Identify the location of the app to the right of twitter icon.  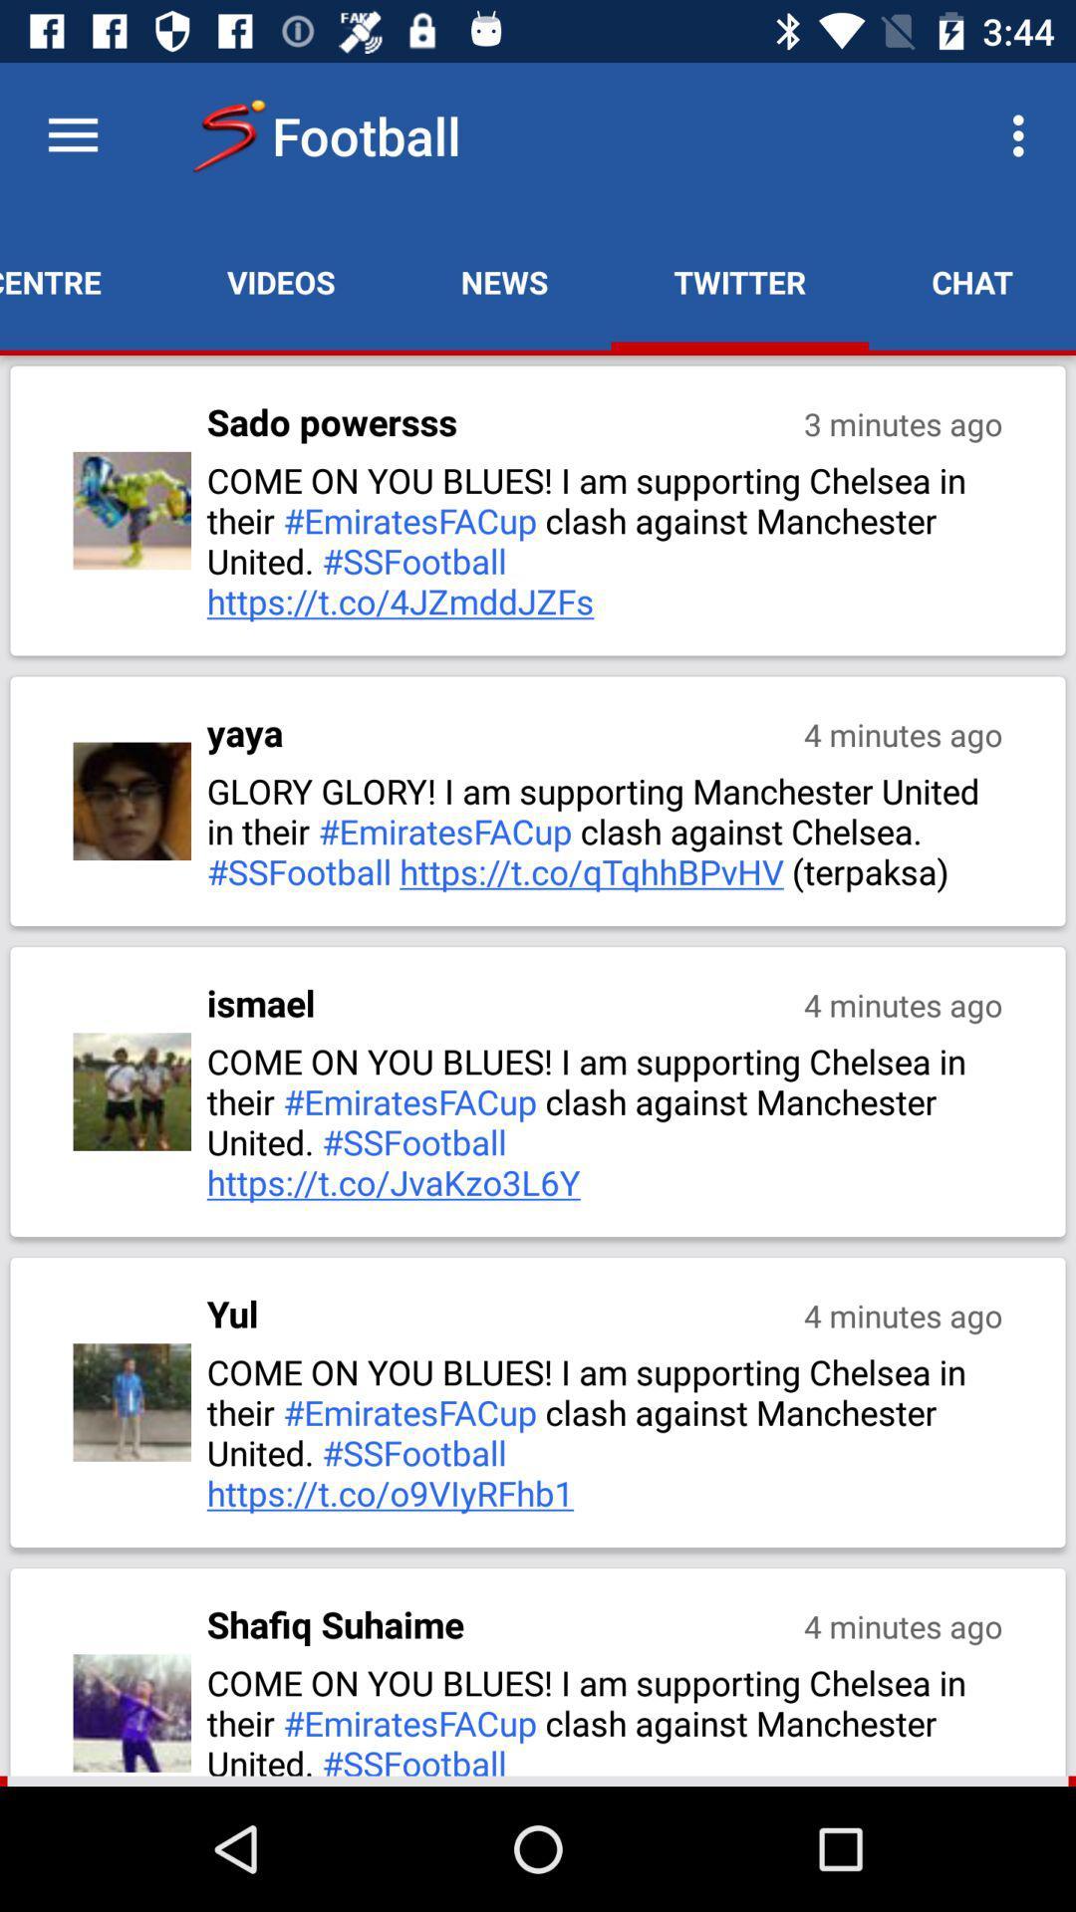
(1023, 134).